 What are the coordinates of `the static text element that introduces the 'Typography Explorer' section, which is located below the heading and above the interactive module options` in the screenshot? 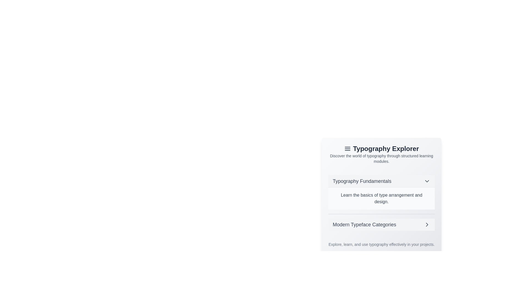 It's located at (381, 159).